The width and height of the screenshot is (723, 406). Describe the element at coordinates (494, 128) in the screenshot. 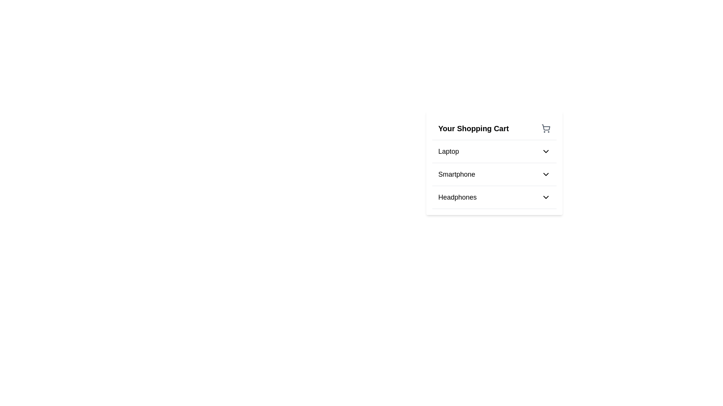

I see `the shopping cart section header which indicates the purpose of the current section and is located above the items labeled 'Laptop', 'Smartphone', and 'Headphones'` at that location.